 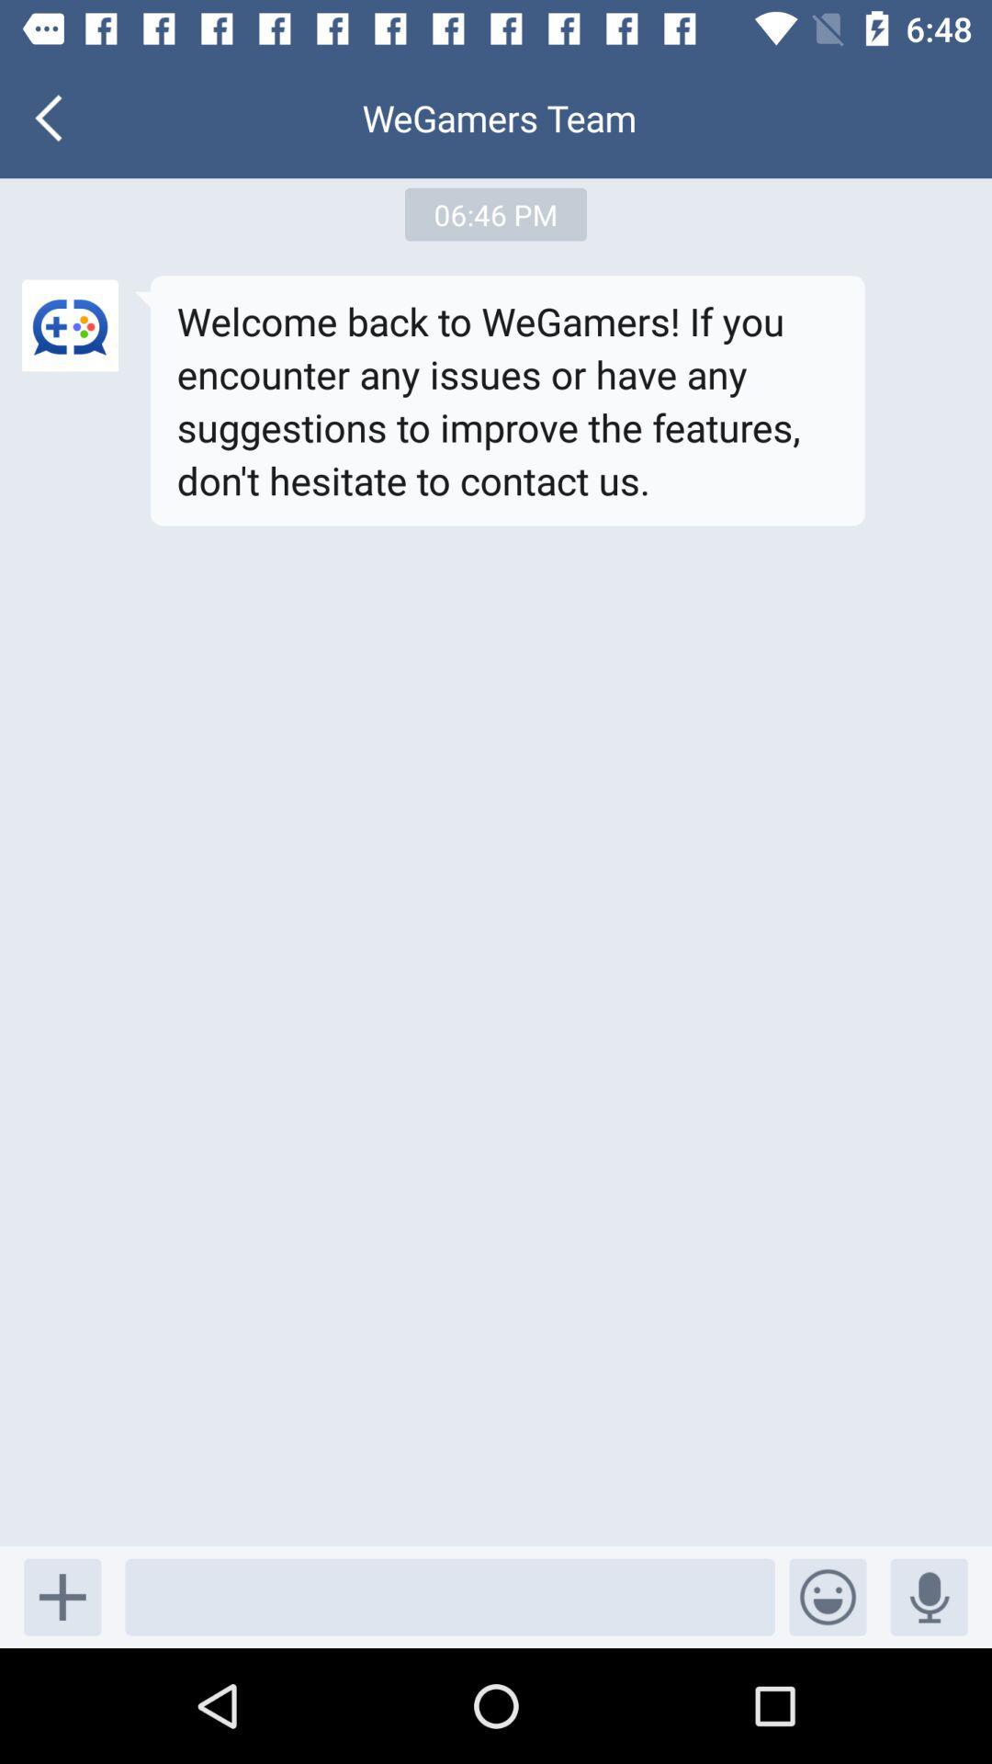 What do you see at coordinates (929, 1596) in the screenshot?
I see `the microphone icon` at bounding box center [929, 1596].